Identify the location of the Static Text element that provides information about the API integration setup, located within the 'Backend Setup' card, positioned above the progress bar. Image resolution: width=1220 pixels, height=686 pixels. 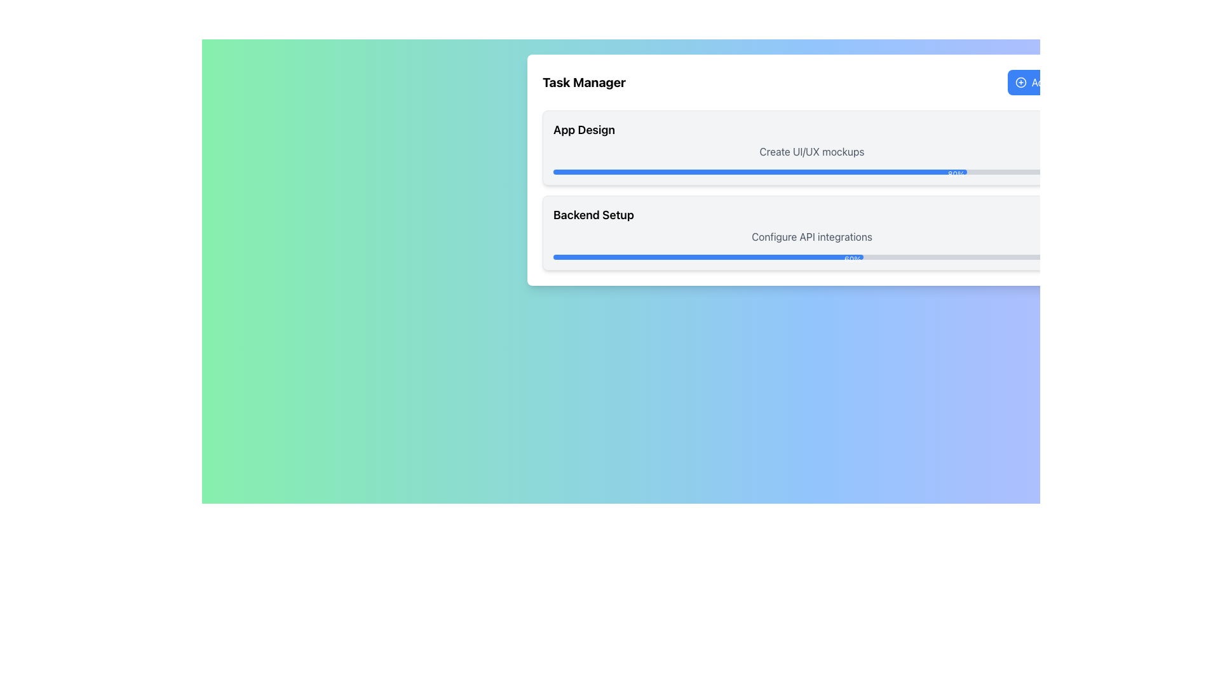
(811, 237).